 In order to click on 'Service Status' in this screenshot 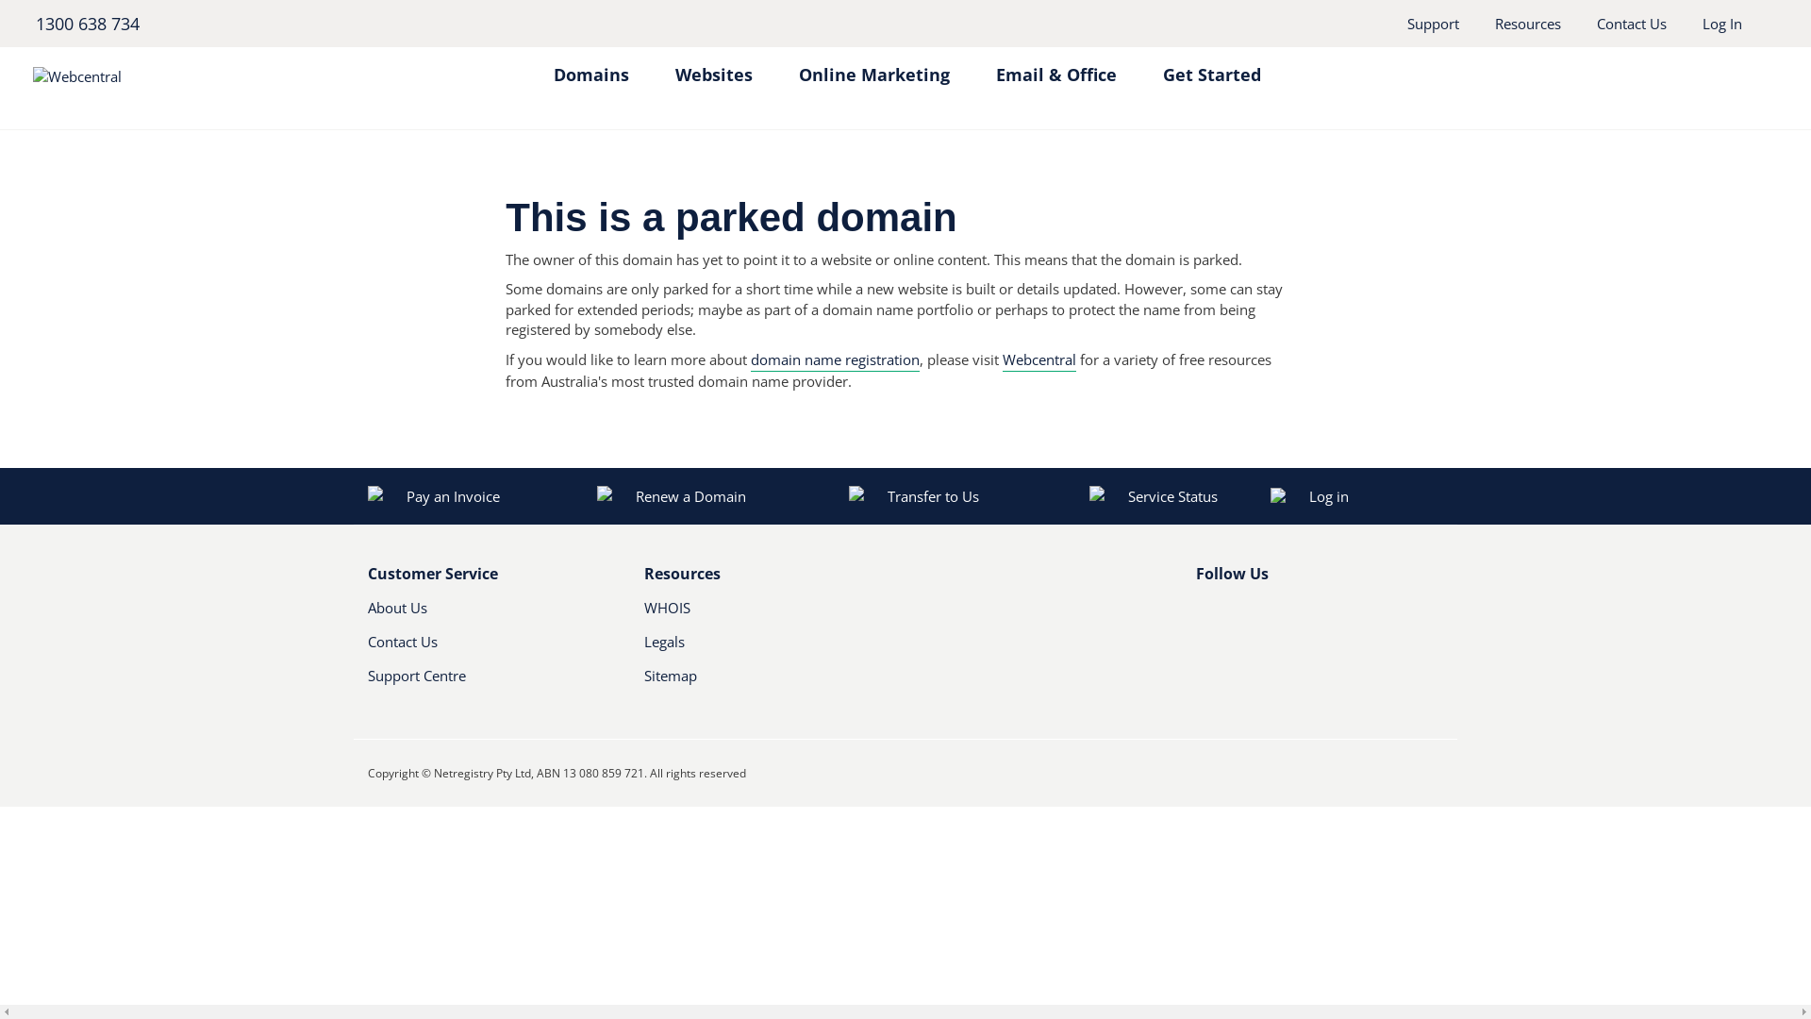, I will do `click(1153, 494)`.